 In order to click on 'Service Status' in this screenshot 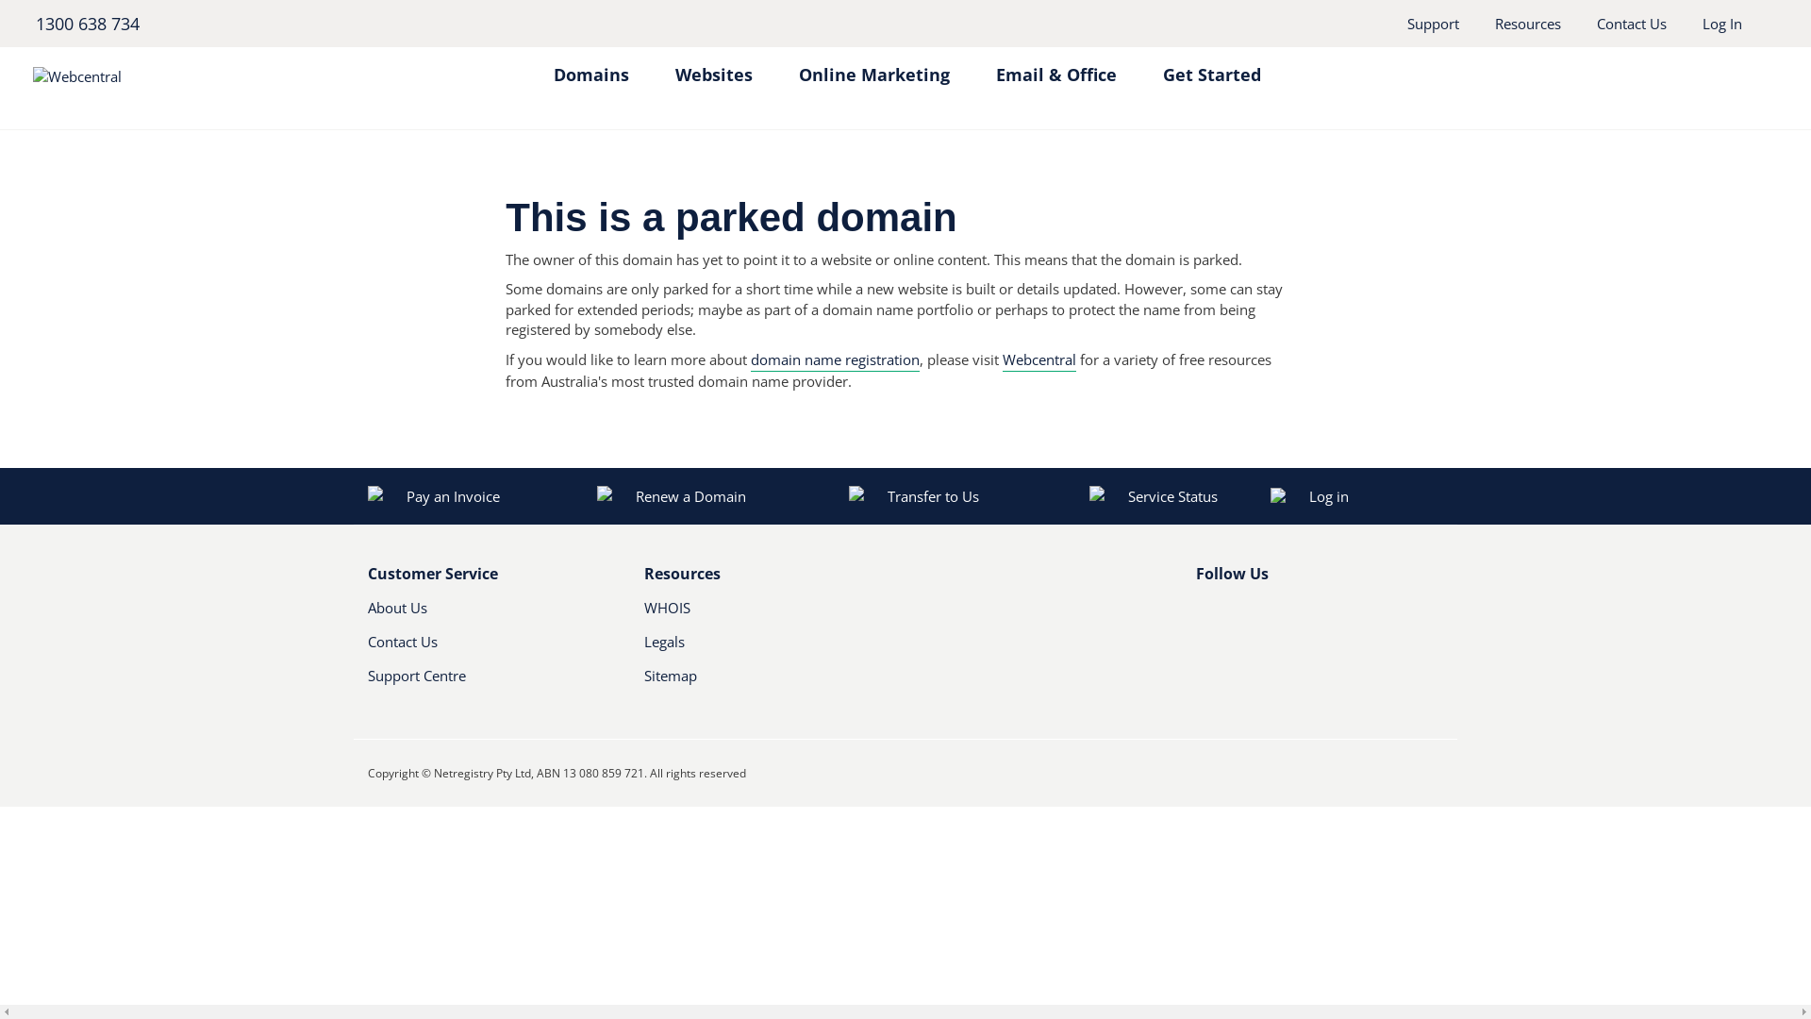, I will do `click(1153, 494)`.